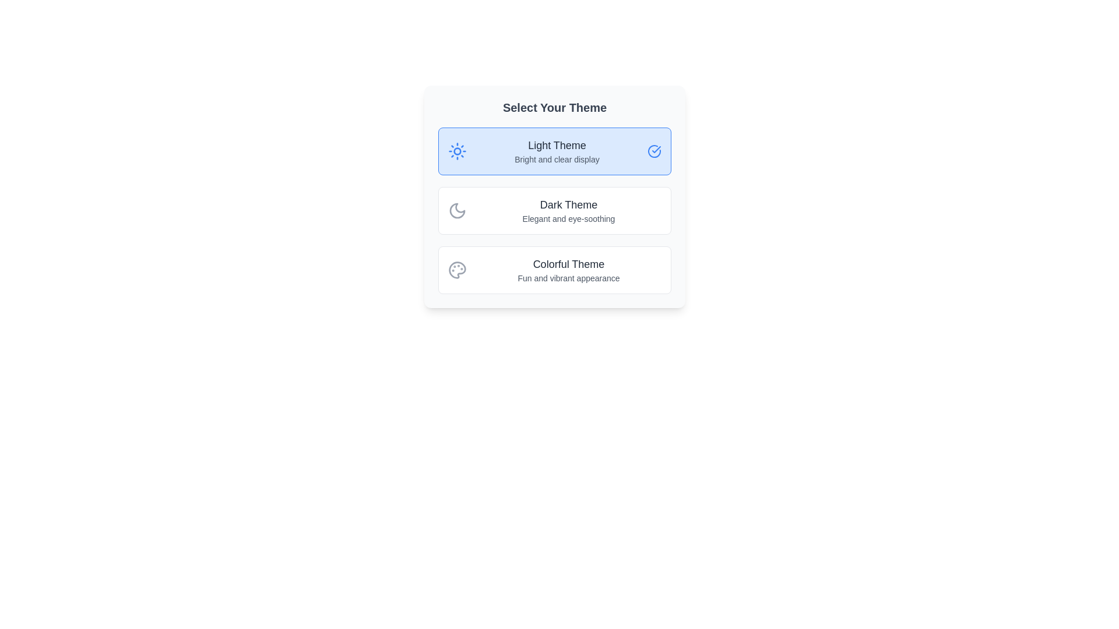 The width and height of the screenshot is (1119, 629). What do you see at coordinates (568, 218) in the screenshot?
I see `the text label that reads 'Elegant and eye-soothing', which is styled in a small gray font and located directly below 'Dark Theme' within the 'Select Your Theme' card interface` at bounding box center [568, 218].